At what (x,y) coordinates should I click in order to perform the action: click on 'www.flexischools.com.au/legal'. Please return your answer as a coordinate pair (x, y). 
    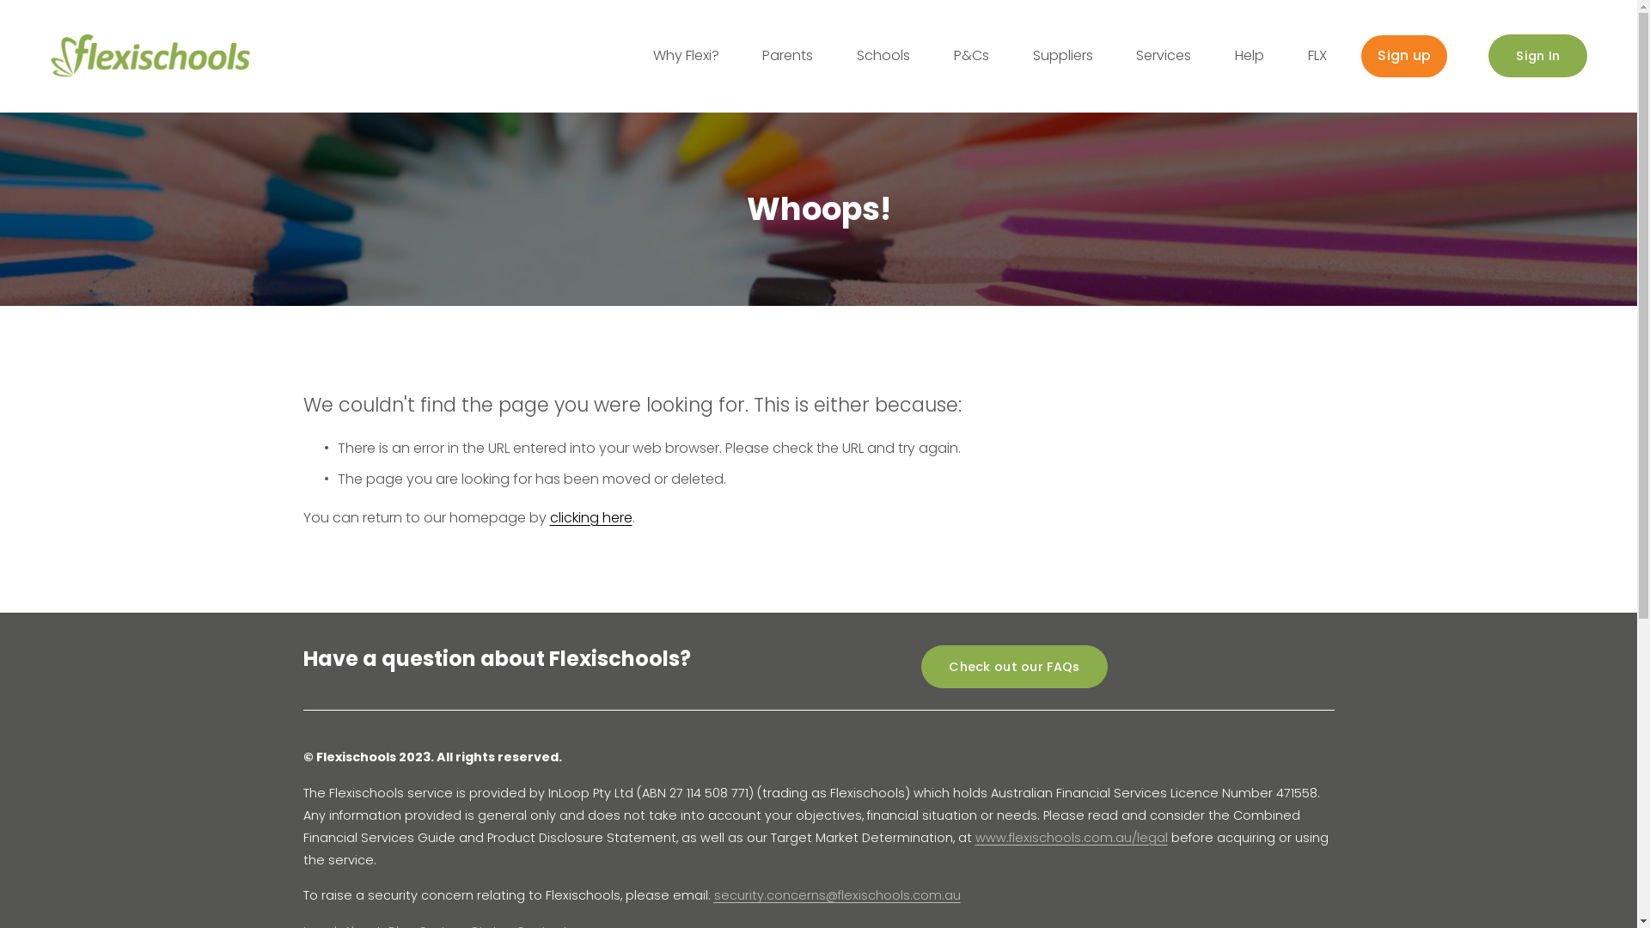
    Looking at the image, I should click on (1070, 837).